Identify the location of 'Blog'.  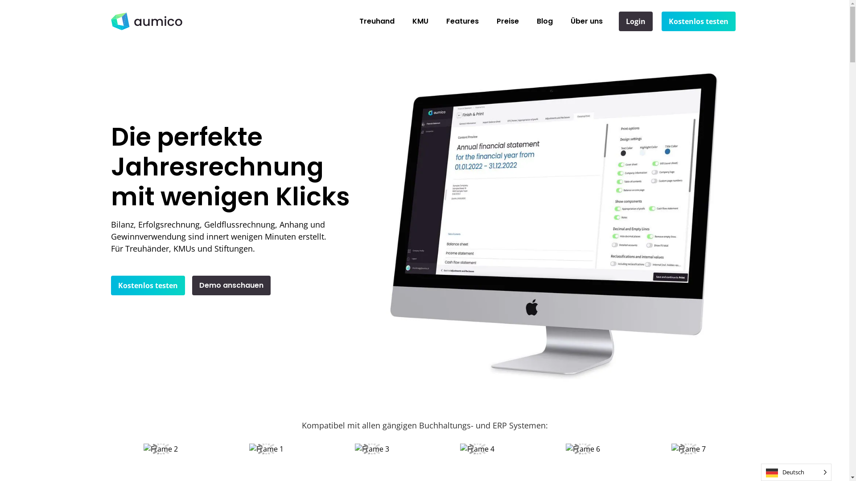
(544, 20).